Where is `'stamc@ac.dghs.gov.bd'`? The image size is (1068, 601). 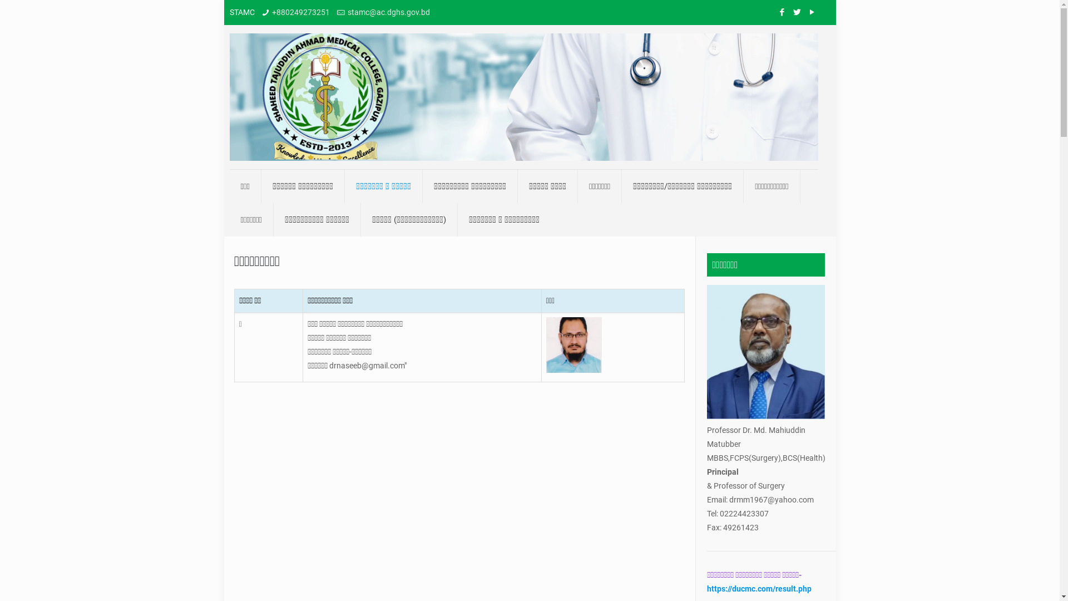
'stamc@ac.dghs.gov.bd' is located at coordinates (389, 12).